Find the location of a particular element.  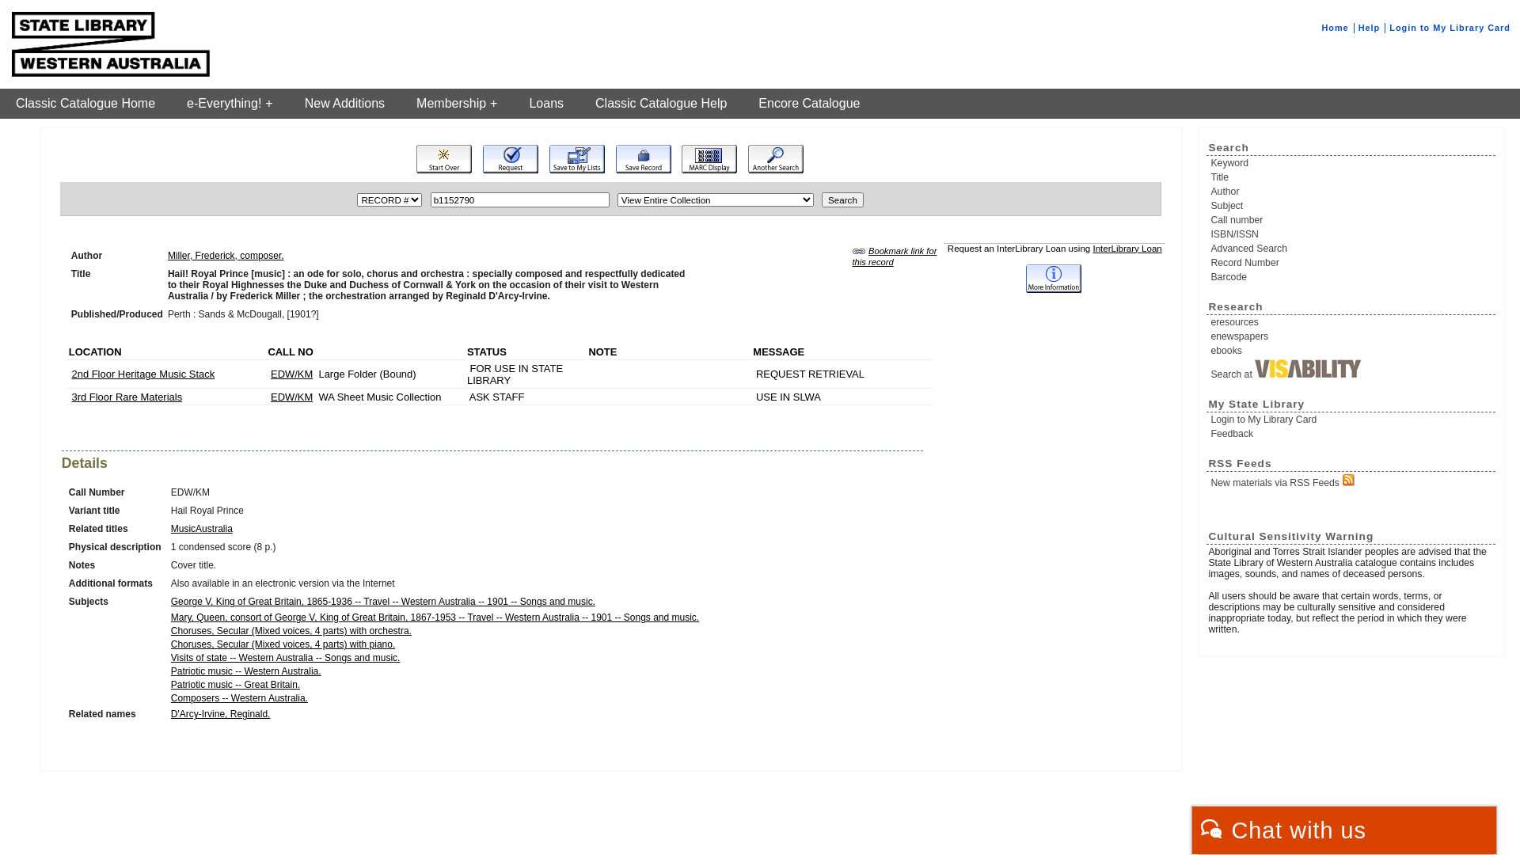

'3rd Floor Rare Materials' is located at coordinates (125, 396).